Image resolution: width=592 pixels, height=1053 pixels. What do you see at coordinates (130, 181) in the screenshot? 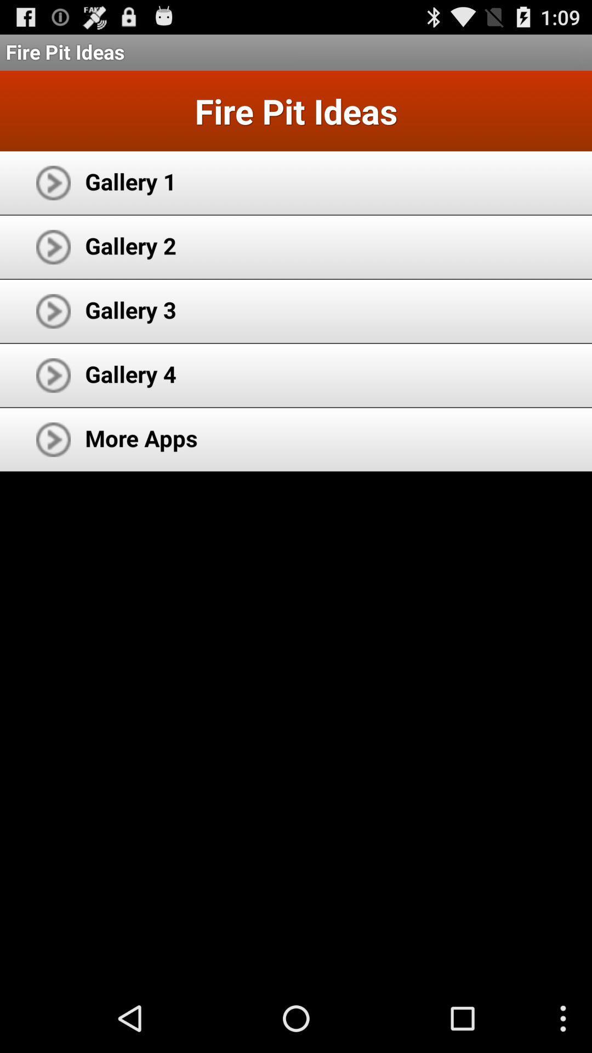
I see `item above gallery 2 app` at bounding box center [130, 181].